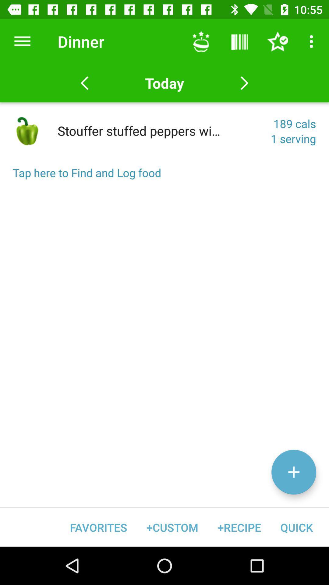  Describe the element at coordinates (98, 527) in the screenshot. I see `favorites item` at that location.